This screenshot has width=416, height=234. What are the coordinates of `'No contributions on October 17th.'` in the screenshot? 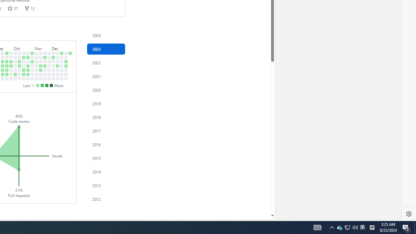 It's located at (24, 61).